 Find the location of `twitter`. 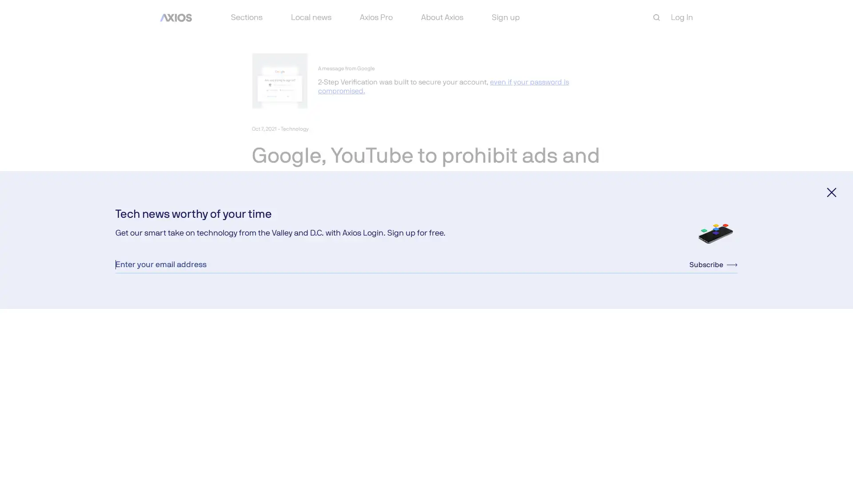

twitter is located at coordinates (279, 268).